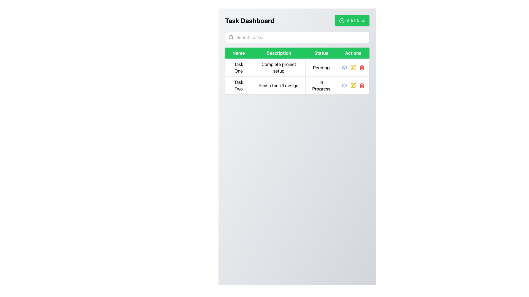  What do you see at coordinates (353, 67) in the screenshot?
I see `the 'Edit' icon located in the first task row under the 'Actions' column of the table` at bounding box center [353, 67].